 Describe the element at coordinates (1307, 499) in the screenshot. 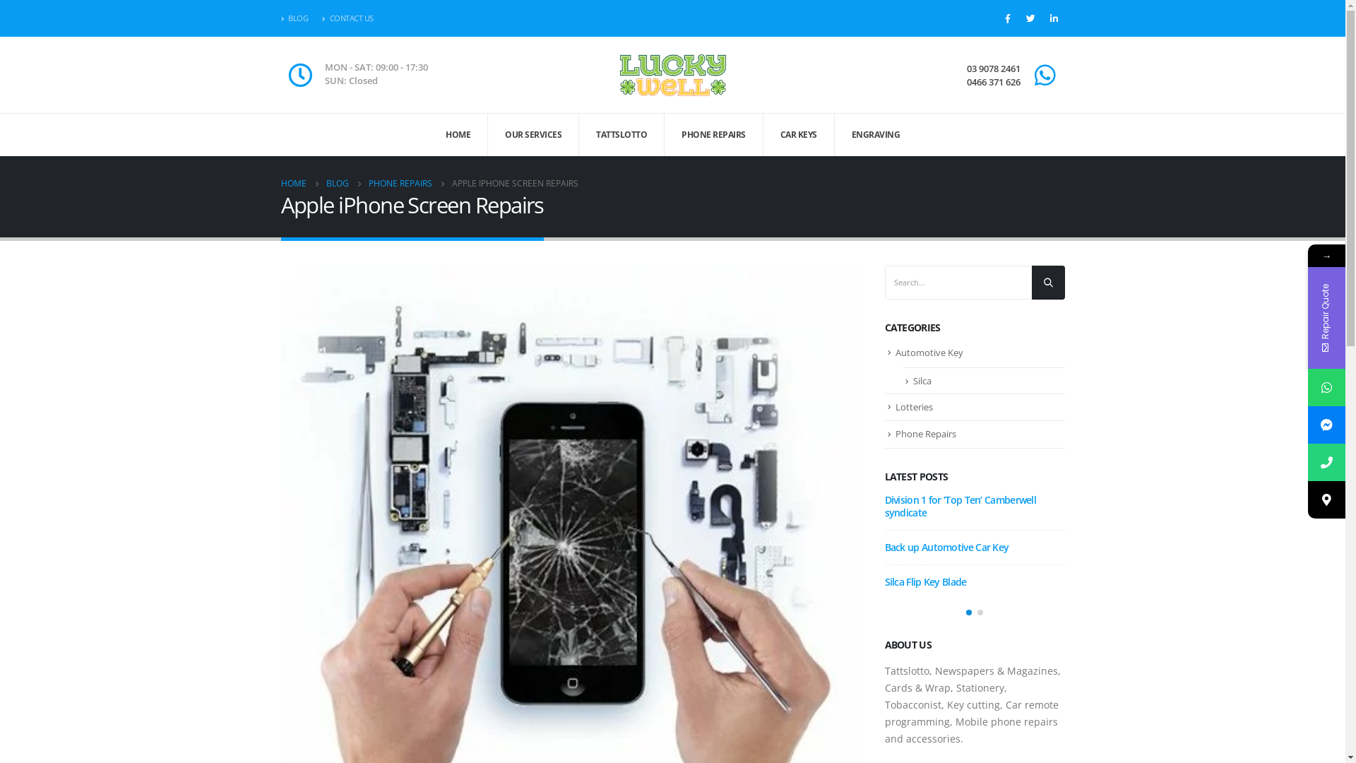

I see `'https://goo.gl/maps/6BvXaJ9NPMDQfLmJ7'` at that location.